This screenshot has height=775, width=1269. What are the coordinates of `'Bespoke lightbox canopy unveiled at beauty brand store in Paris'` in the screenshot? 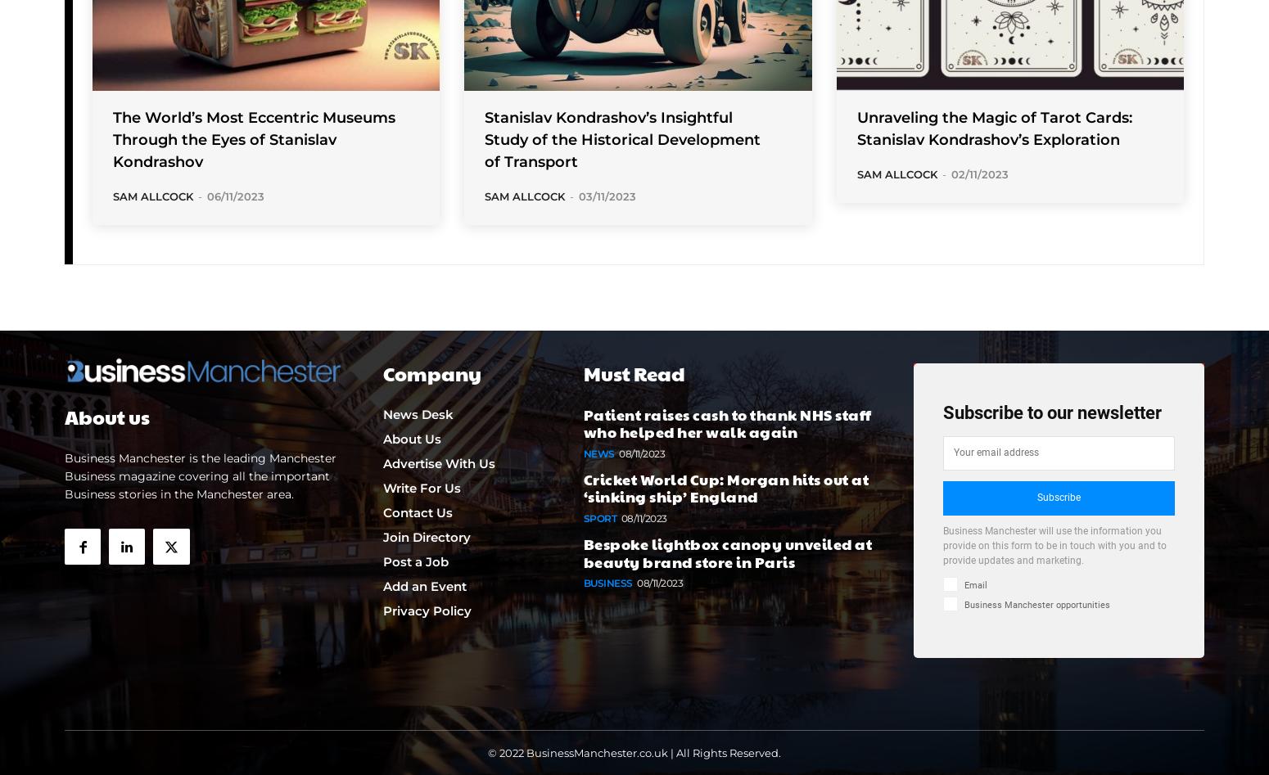 It's located at (727, 551).